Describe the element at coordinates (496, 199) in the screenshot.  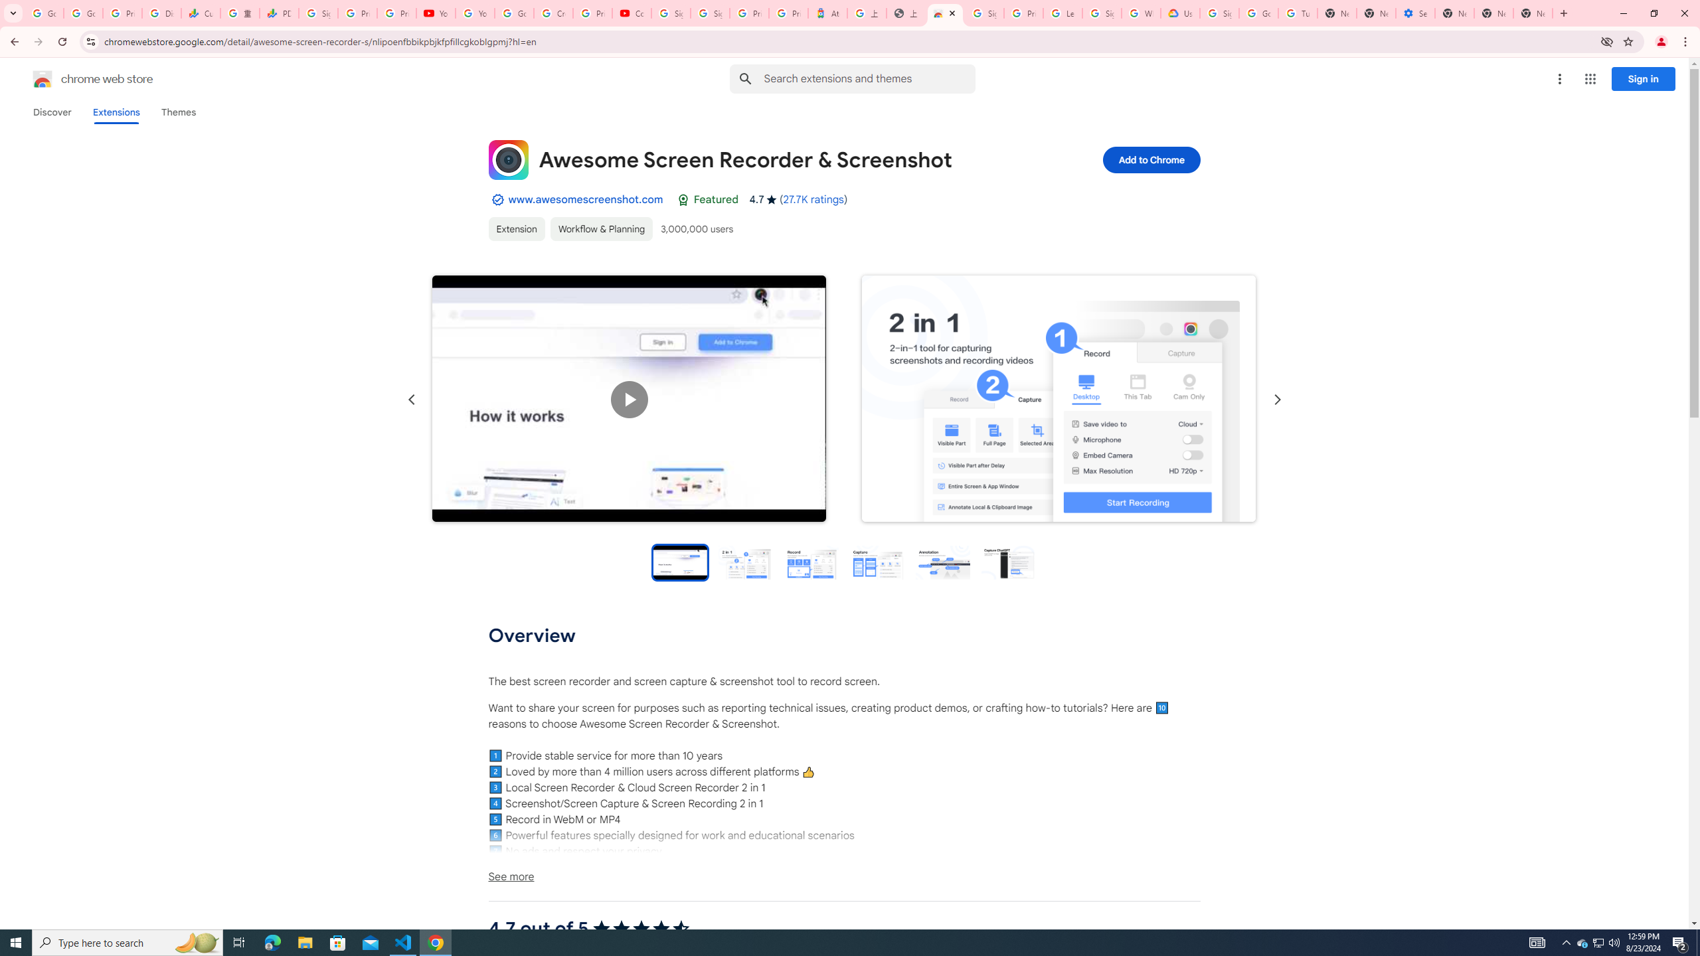
I see `'By Established Publisher Badge'` at that location.